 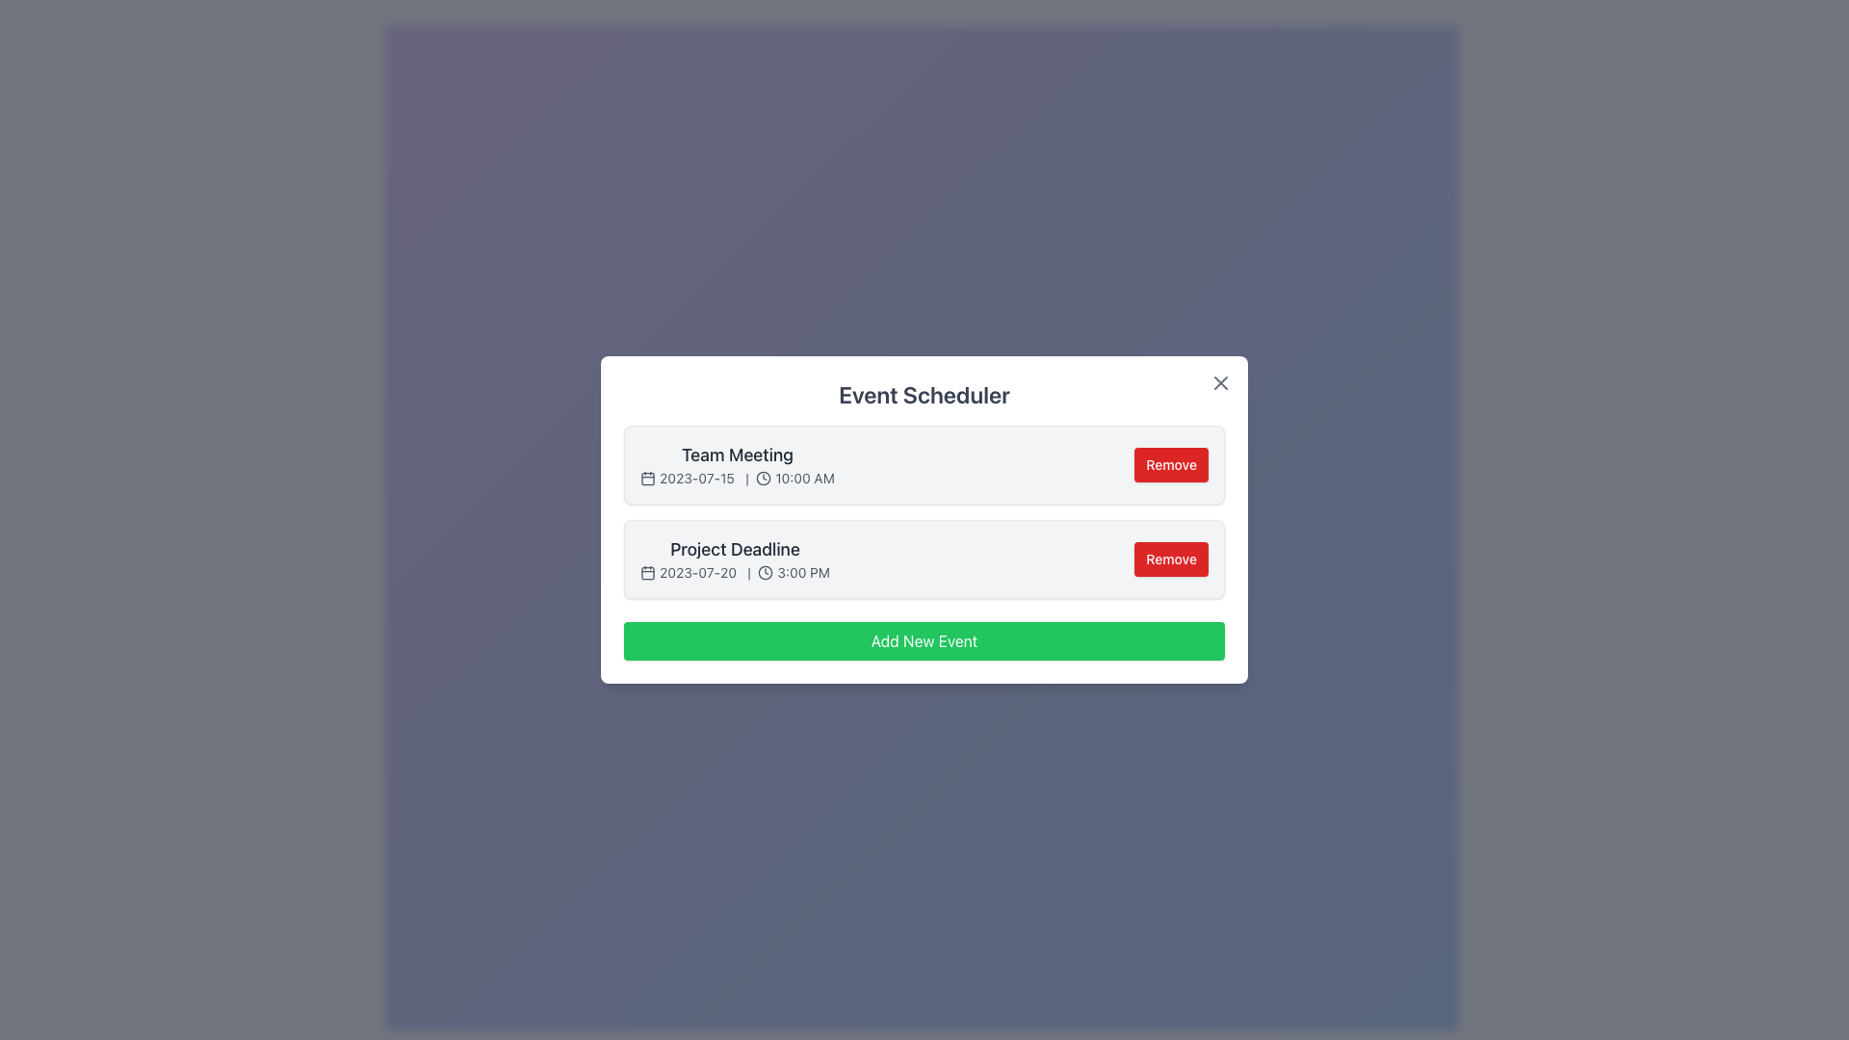 I want to click on the 'Project Deadline' text header, which is styled with a large font size and medium weight in dark gray, located in the middle-right section of the 'Event Scheduler' modal underneath the 'Team Meeting' entry, so click(x=734, y=549).